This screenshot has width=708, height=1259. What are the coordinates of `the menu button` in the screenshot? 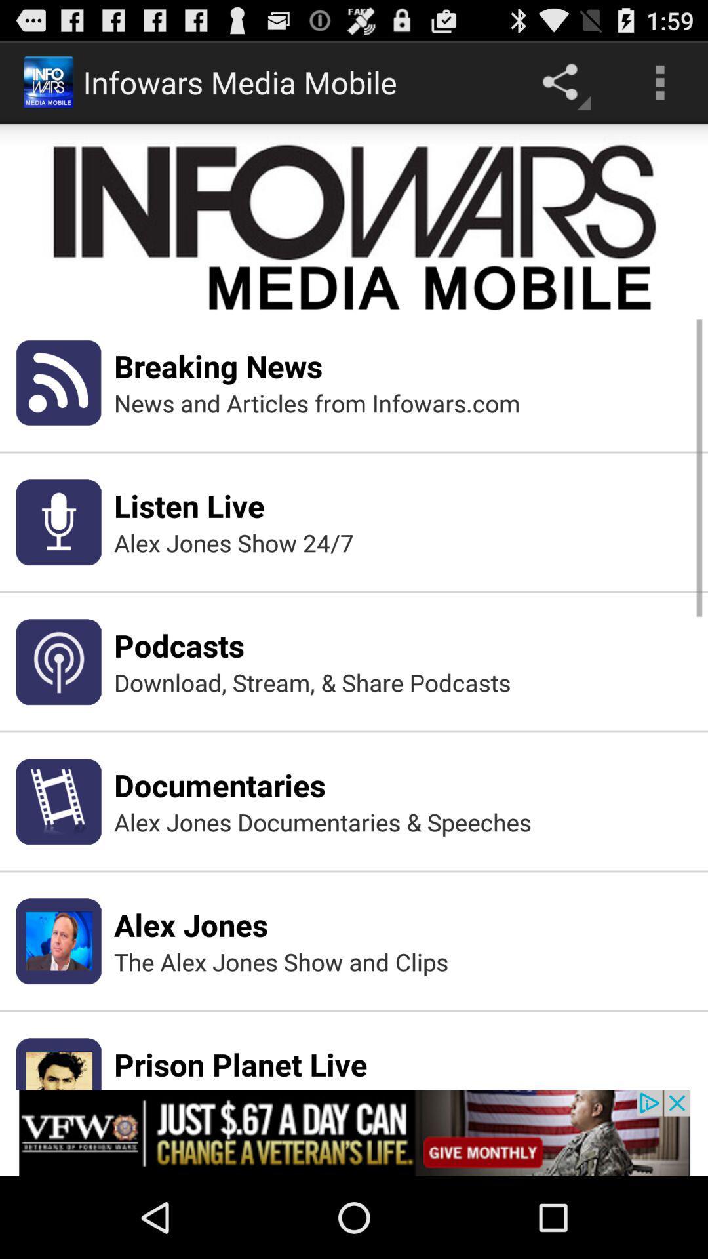 It's located at (659, 81).